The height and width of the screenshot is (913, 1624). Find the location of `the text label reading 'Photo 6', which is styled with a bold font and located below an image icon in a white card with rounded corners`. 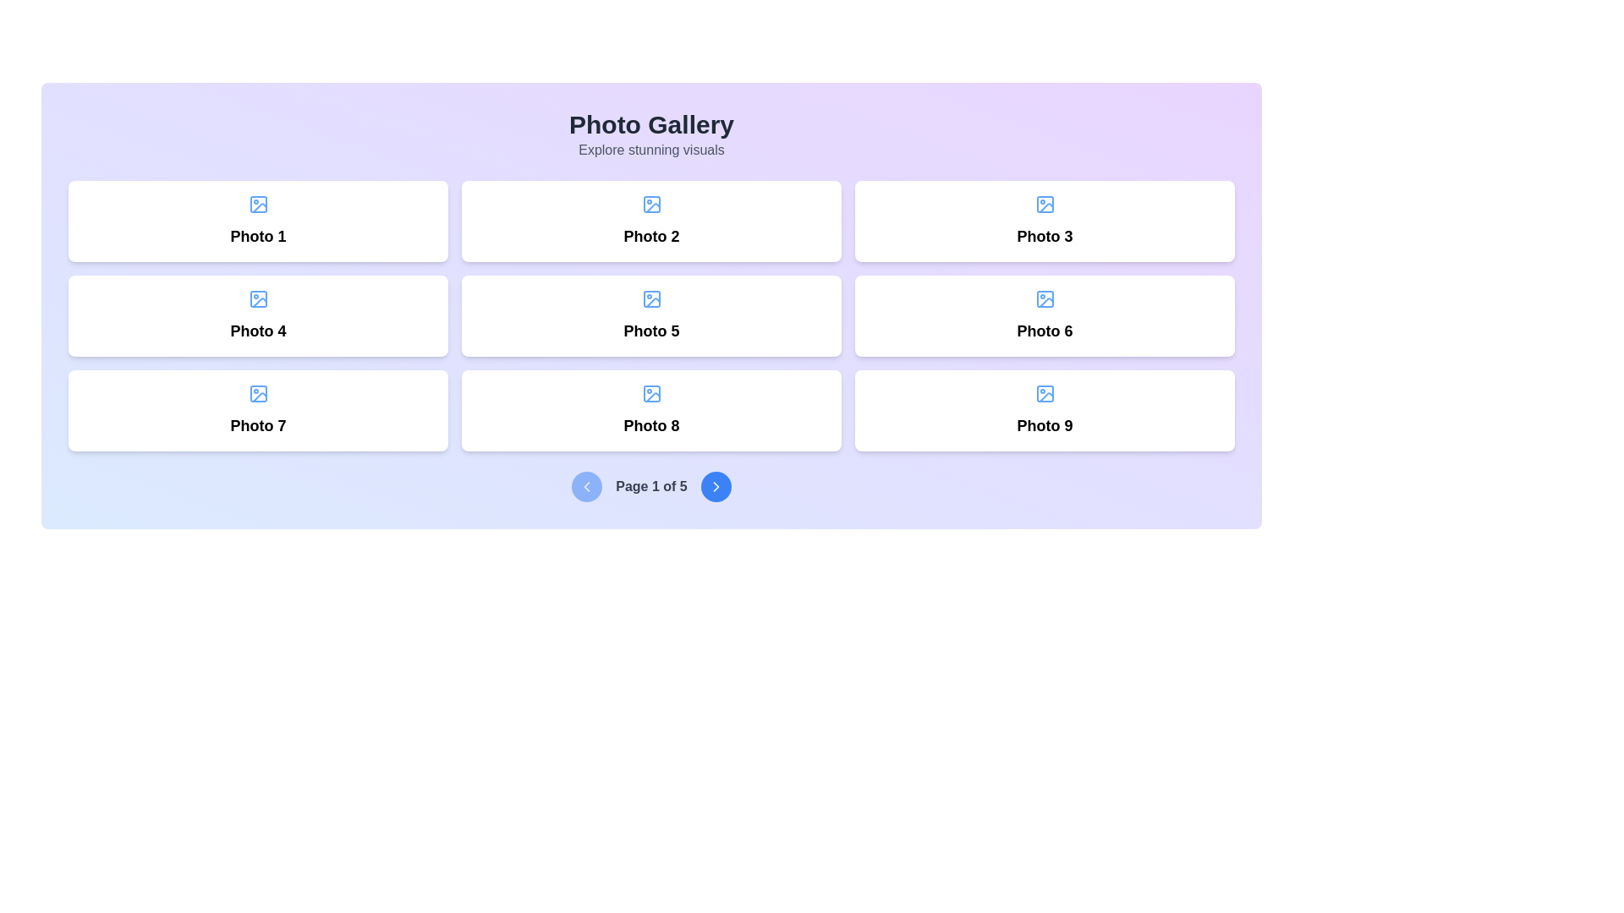

the text label reading 'Photo 6', which is styled with a bold font and located below an image icon in a white card with rounded corners is located at coordinates (1044, 331).